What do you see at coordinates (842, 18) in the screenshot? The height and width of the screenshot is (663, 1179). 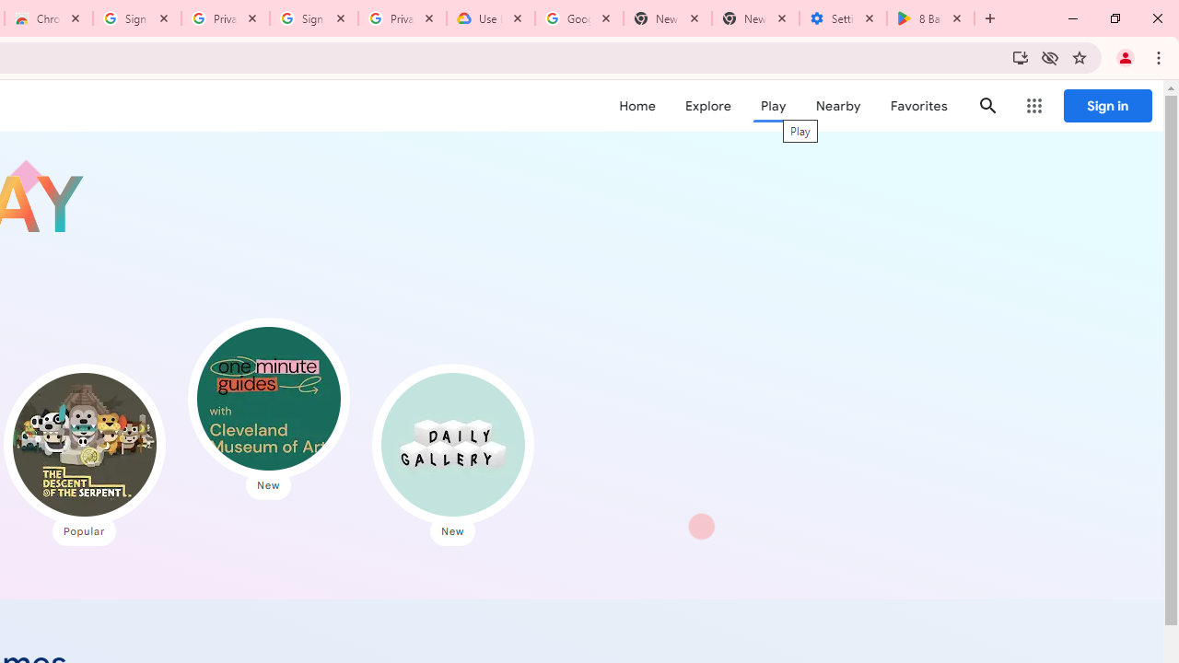 I see `'Settings - System'` at bounding box center [842, 18].